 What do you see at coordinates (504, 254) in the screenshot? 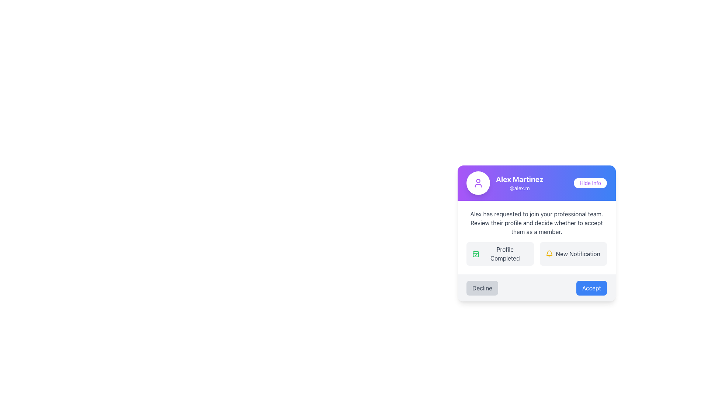
I see `text label that indicates the completion status of a profile, which is positioned between a green calendar icon and a notification icon` at bounding box center [504, 254].